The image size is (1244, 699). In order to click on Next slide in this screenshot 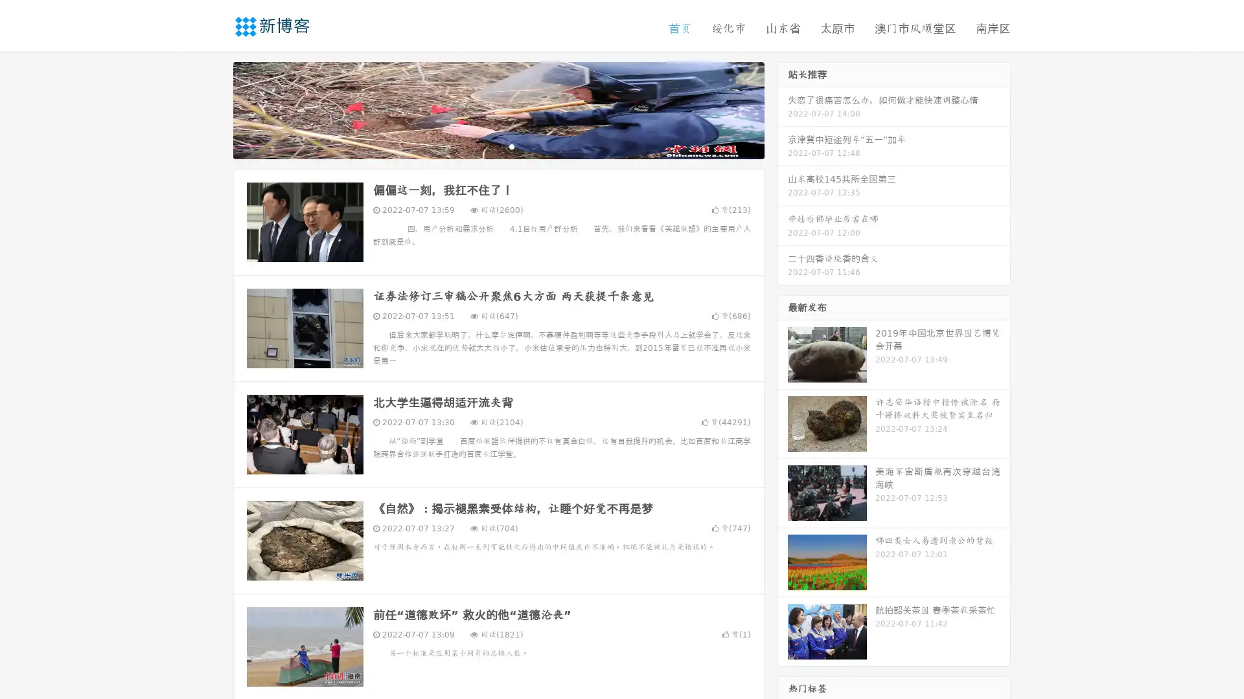, I will do `click(783, 109)`.